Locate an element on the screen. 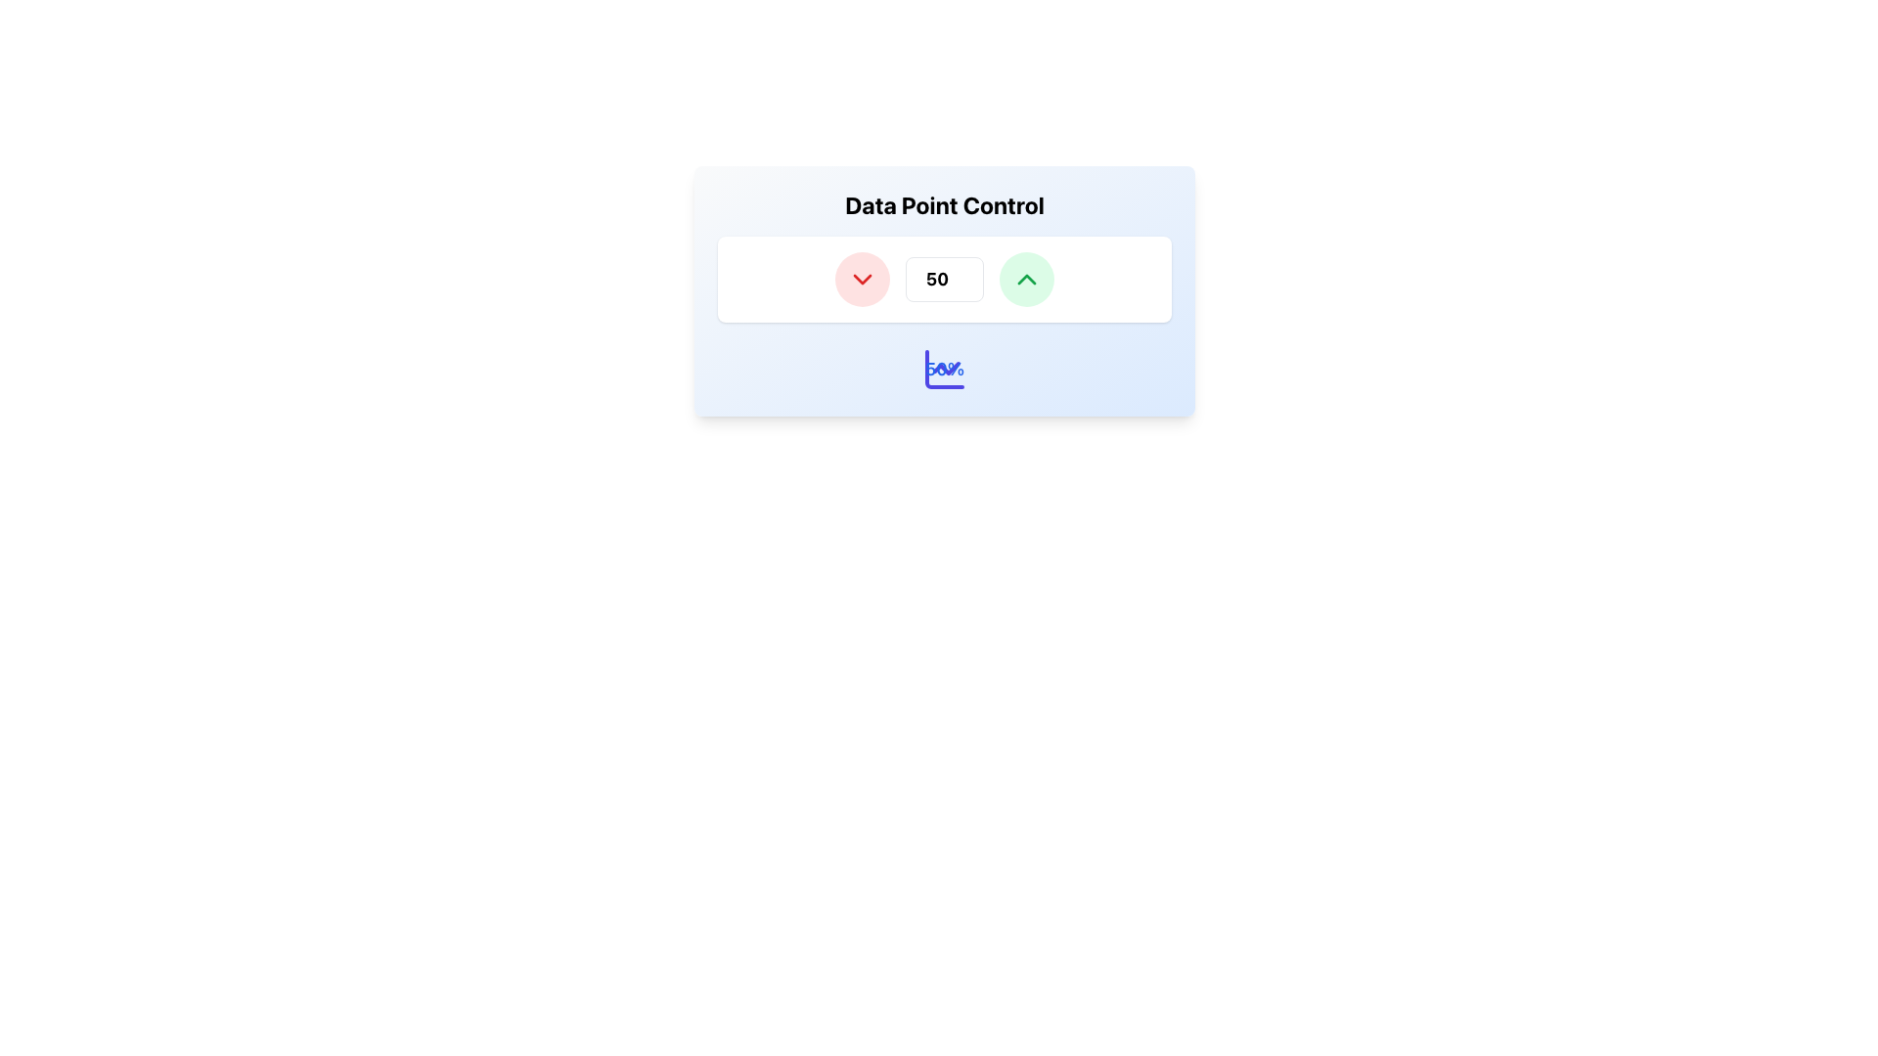  the upward-pointing chevron icon with a green outline located in the circular button on the right side of the horizontal control panel is located at coordinates (1026, 279).